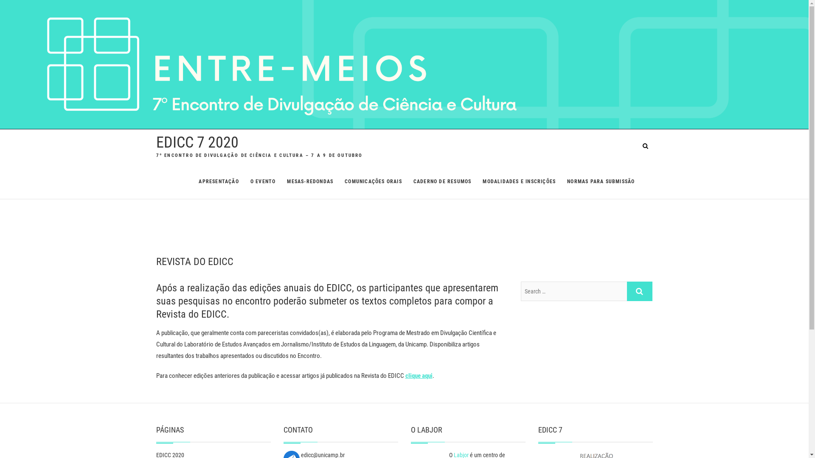  Describe the element at coordinates (442, 181) in the screenshot. I see `'CADERNO DE RESUMOS'` at that location.